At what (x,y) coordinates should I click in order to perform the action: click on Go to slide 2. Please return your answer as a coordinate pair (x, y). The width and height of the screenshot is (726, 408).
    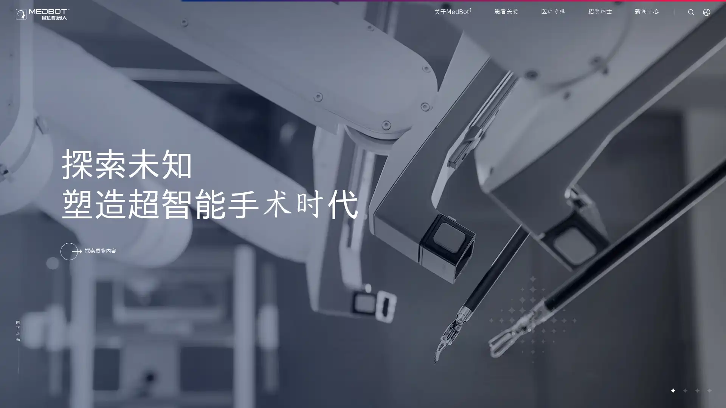
    Looking at the image, I should click on (684, 390).